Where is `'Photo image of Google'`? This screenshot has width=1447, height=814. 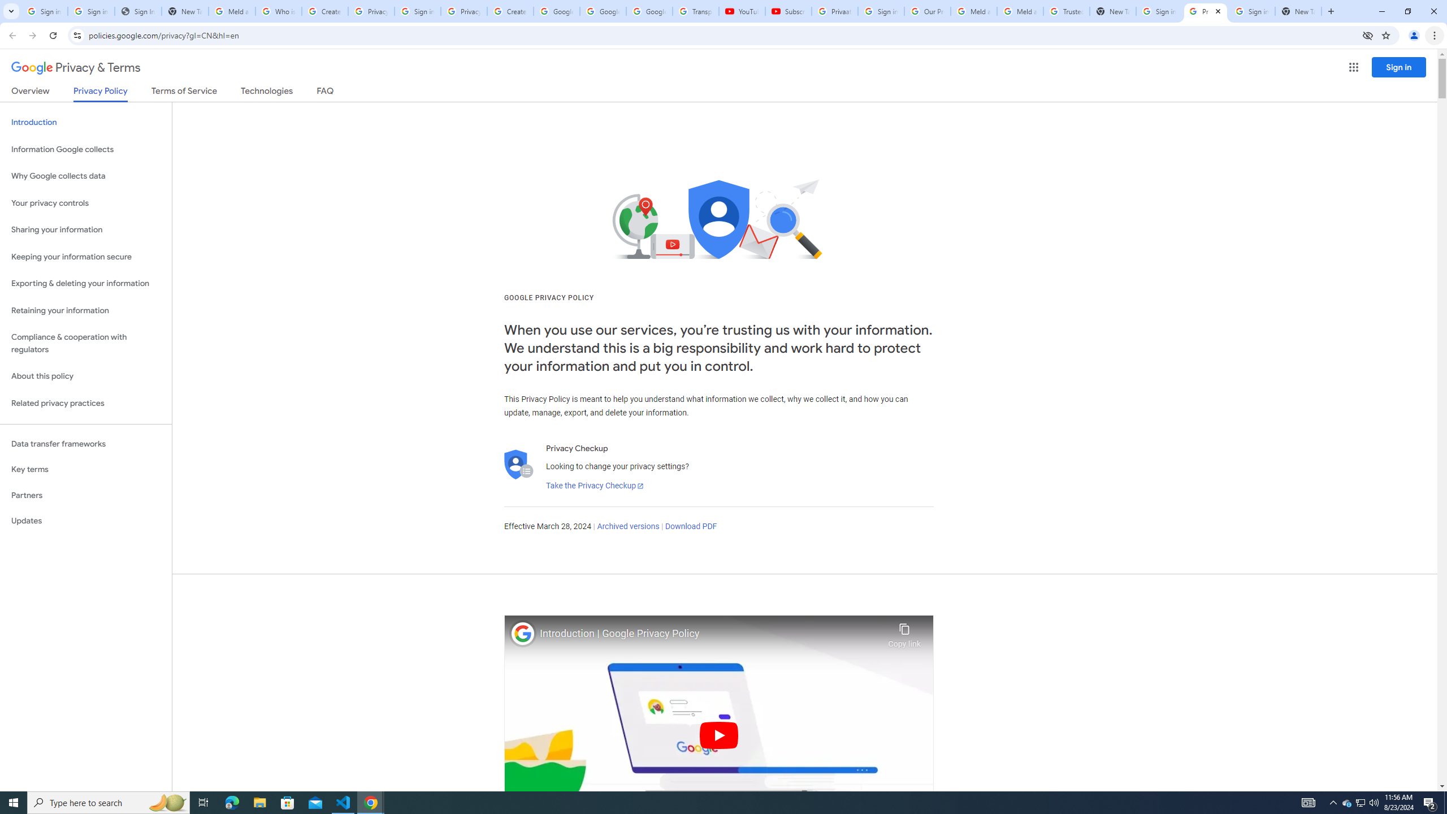
'Photo image of Google' is located at coordinates (523, 633).